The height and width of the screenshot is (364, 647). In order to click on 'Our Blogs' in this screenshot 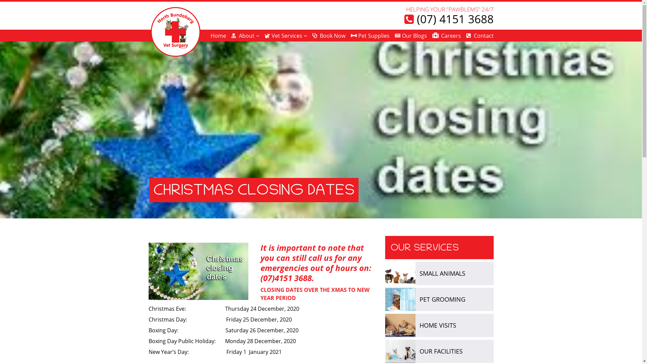, I will do `click(410, 35)`.